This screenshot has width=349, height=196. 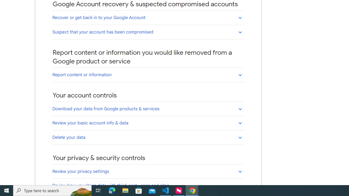 What do you see at coordinates (148, 185) in the screenshot?
I see `'Review how you share data with third-party apps and sites'` at bounding box center [148, 185].